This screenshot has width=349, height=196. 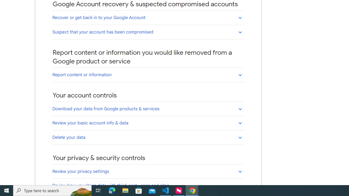 What do you see at coordinates (148, 185) in the screenshot?
I see `'Review how you share data with third-party apps and sites'` at bounding box center [148, 185].